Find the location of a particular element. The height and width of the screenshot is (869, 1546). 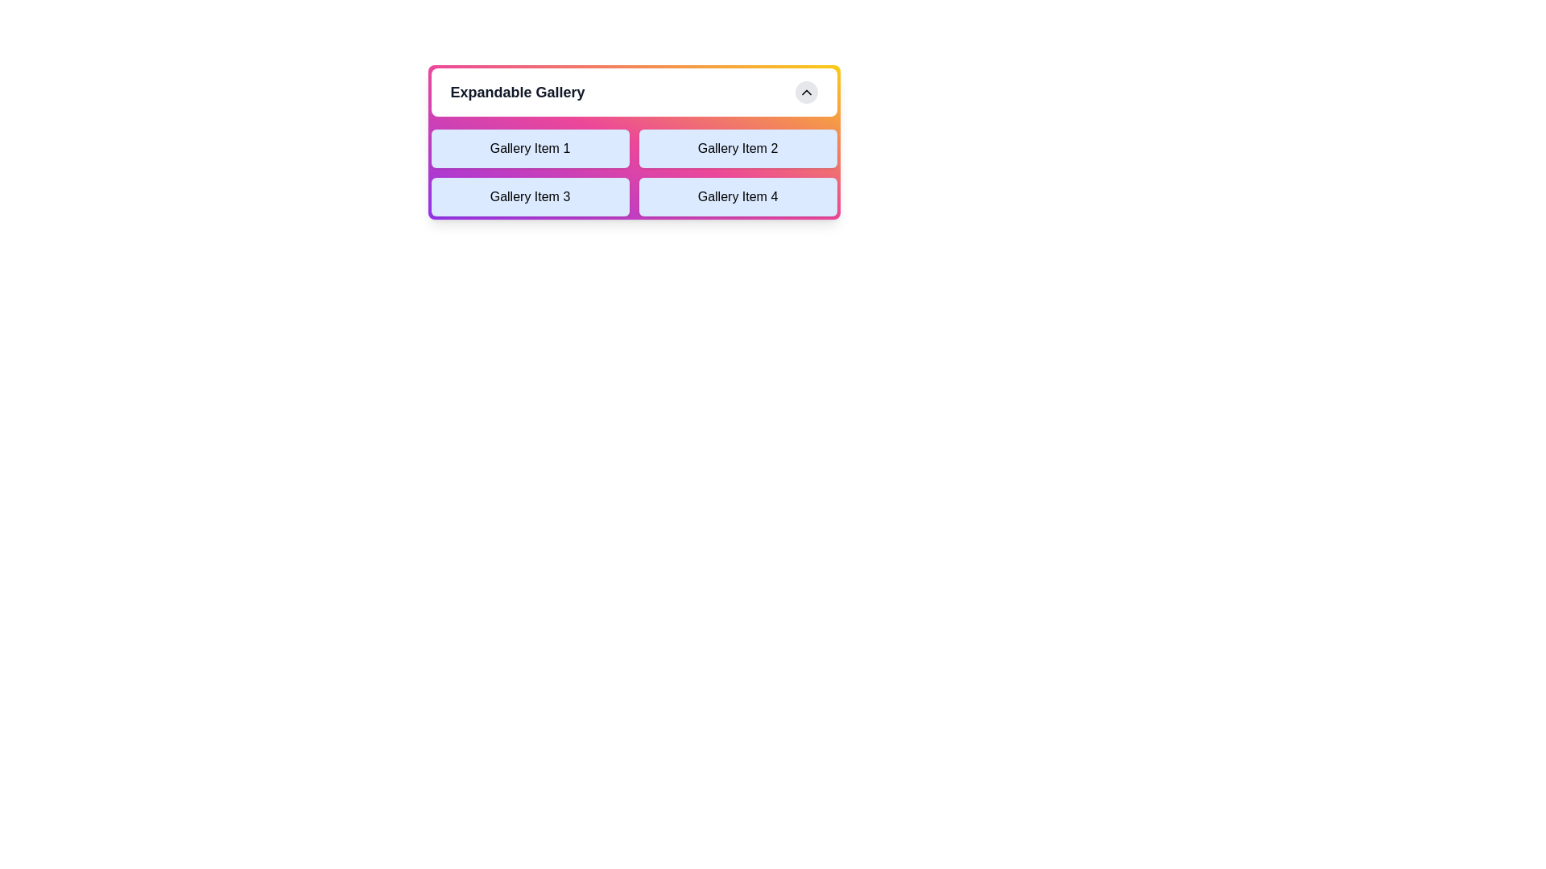

the upward-pointing chevron icon within the circular button is located at coordinates (806, 93).